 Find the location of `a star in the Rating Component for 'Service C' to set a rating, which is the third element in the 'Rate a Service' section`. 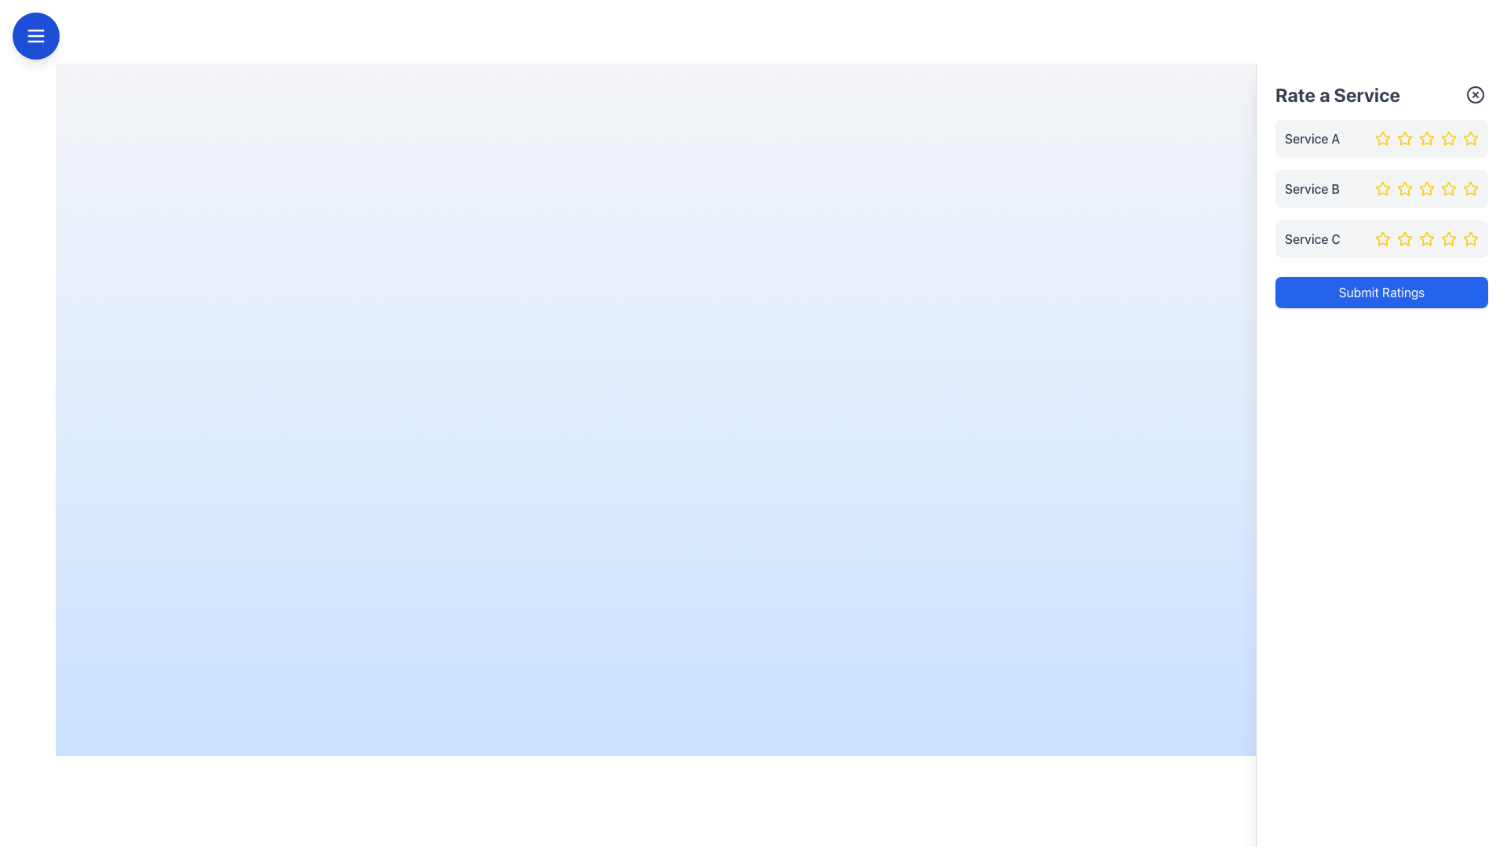

a star in the Rating Component for 'Service C' to set a rating, which is the third element in the 'Rate a Service' section is located at coordinates (1381, 238).